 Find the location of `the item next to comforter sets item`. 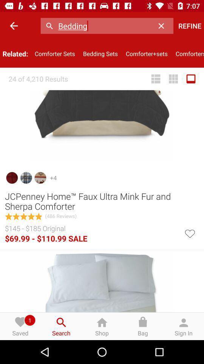

the item next to comforter sets item is located at coordinates (100, 53).